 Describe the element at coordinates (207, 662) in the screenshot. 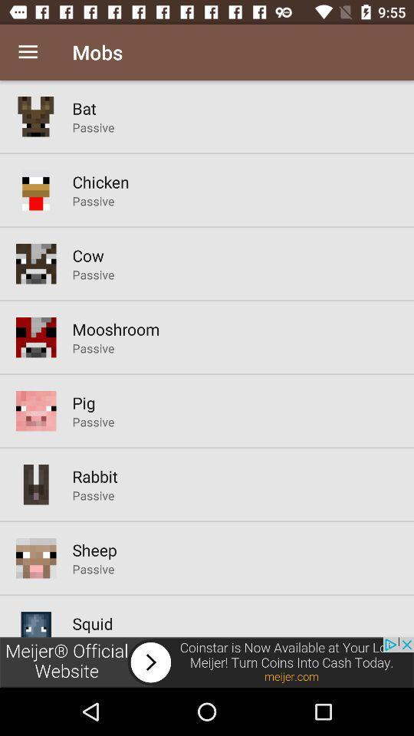

I see `advertisement` at that location.